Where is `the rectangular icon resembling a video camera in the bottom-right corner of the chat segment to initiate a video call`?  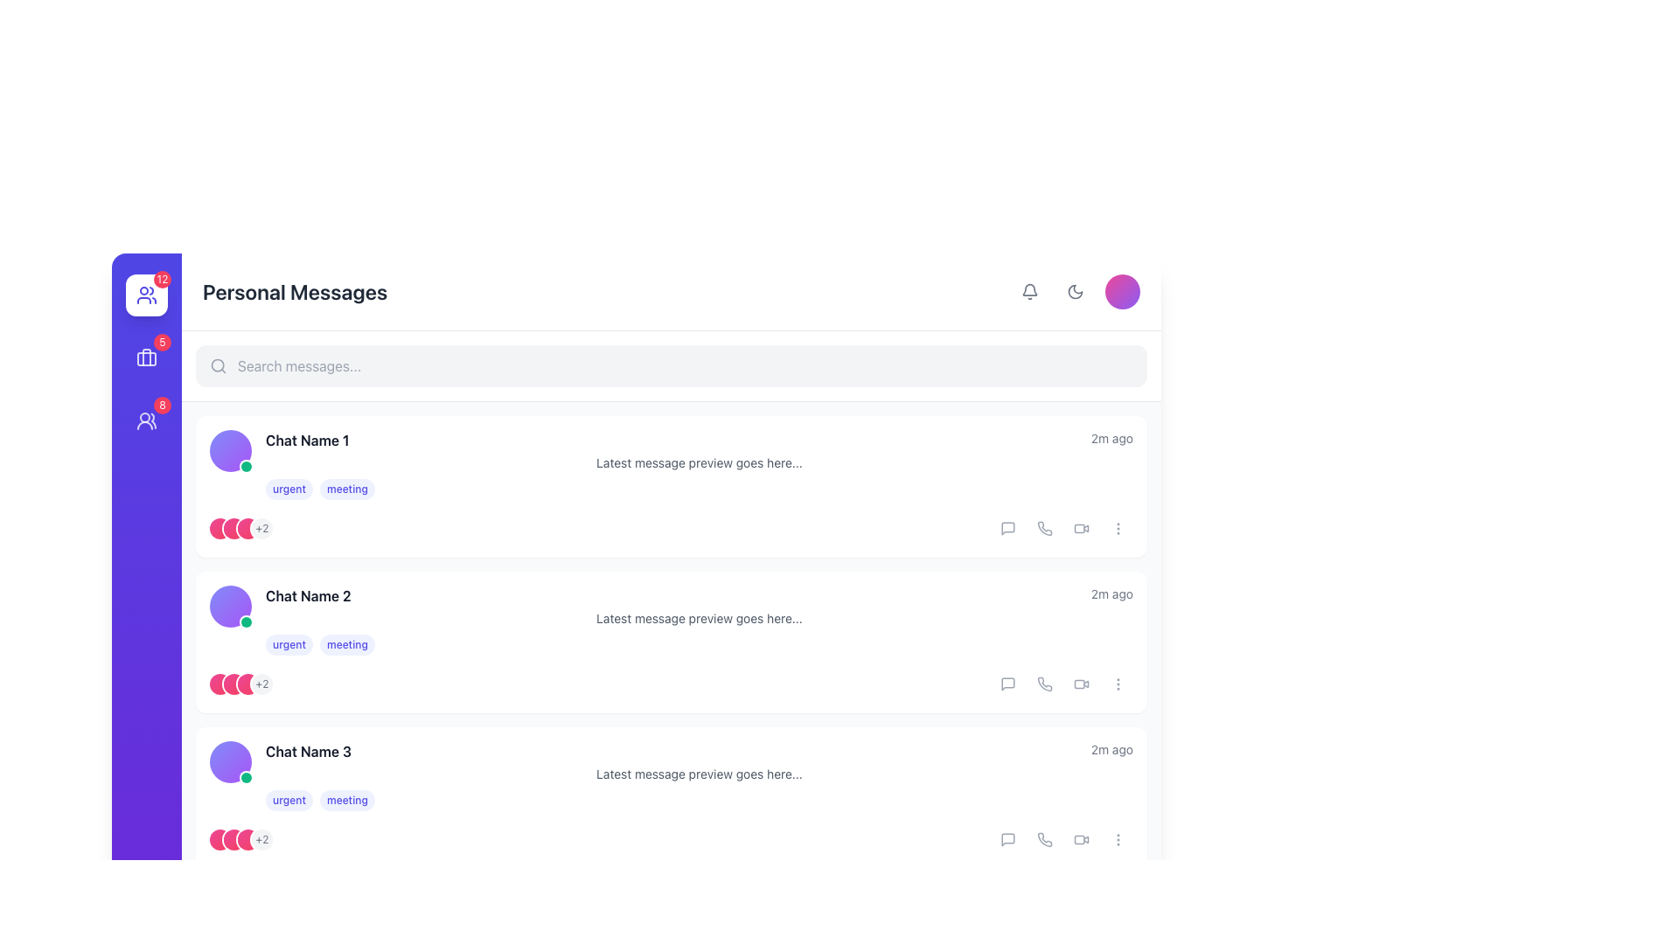 the rectangular icon resembling a video camera in the bottom-right corner of the chat segment to initiate a video call is located at coordinates (1078, 684).